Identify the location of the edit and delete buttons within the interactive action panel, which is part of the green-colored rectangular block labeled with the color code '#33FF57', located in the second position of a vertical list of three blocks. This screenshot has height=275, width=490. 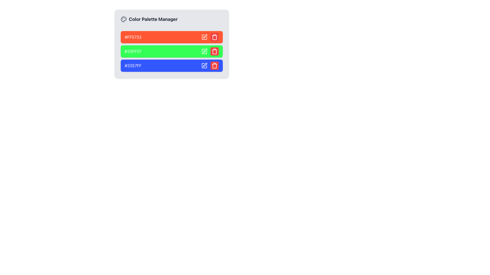
(209, 51).